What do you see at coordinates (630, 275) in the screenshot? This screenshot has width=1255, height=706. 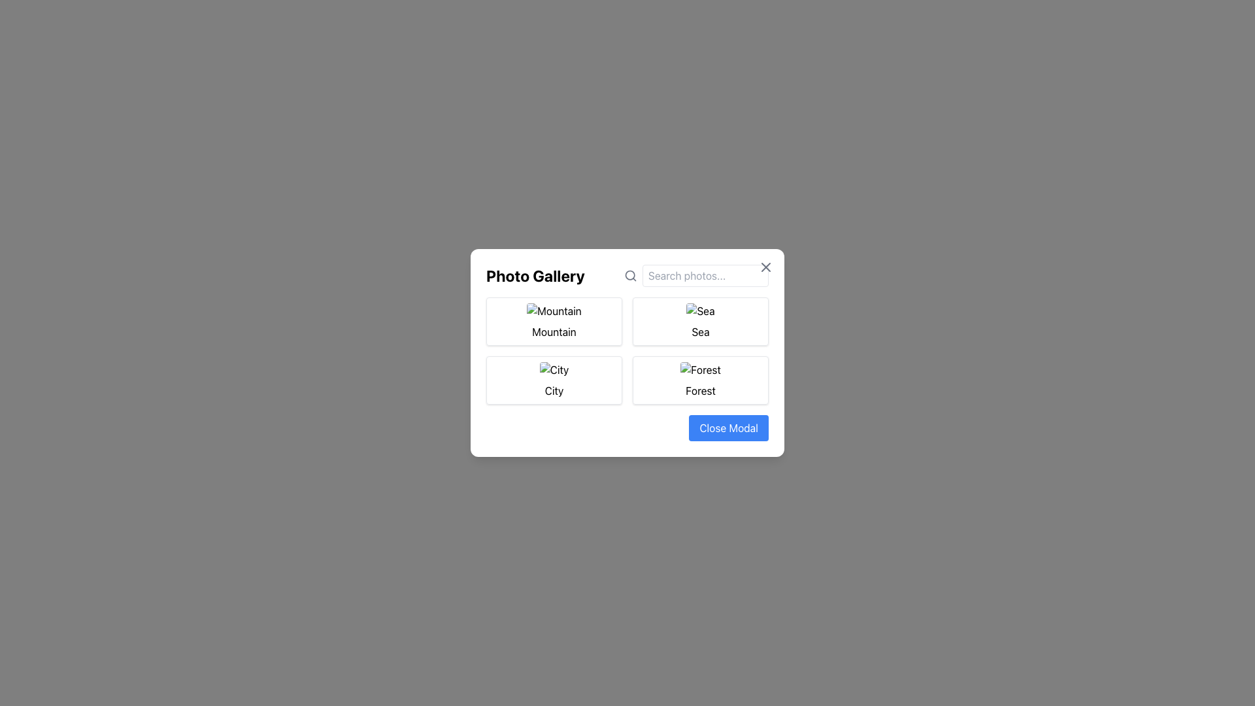 I see `the gray magnifying glass icon located immediately to the left of the search input field in the upper-right quadrant of the 'Photo Gallery' modal` at bounding box center [630, 275].